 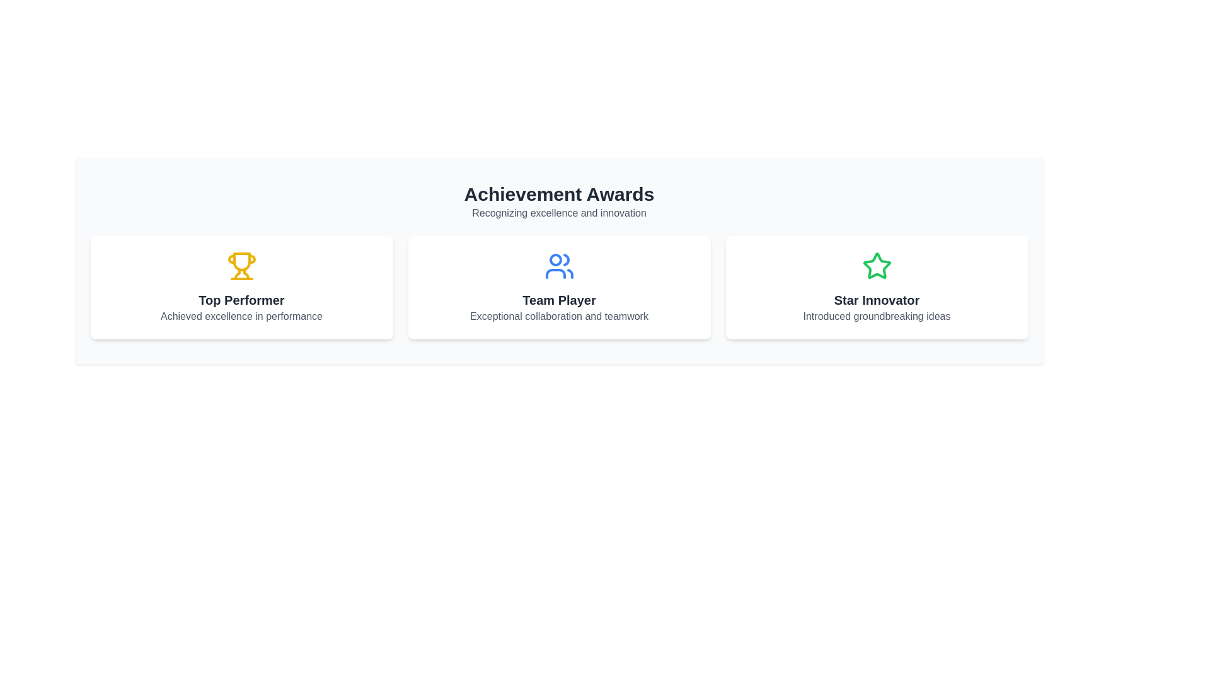 What do you see at coordinates (241, 266) in the screenshot?
I see `the achievement icon located above the 'Top Performer' text in the 'Top Performer' panel` at bounding box center [241, 266].